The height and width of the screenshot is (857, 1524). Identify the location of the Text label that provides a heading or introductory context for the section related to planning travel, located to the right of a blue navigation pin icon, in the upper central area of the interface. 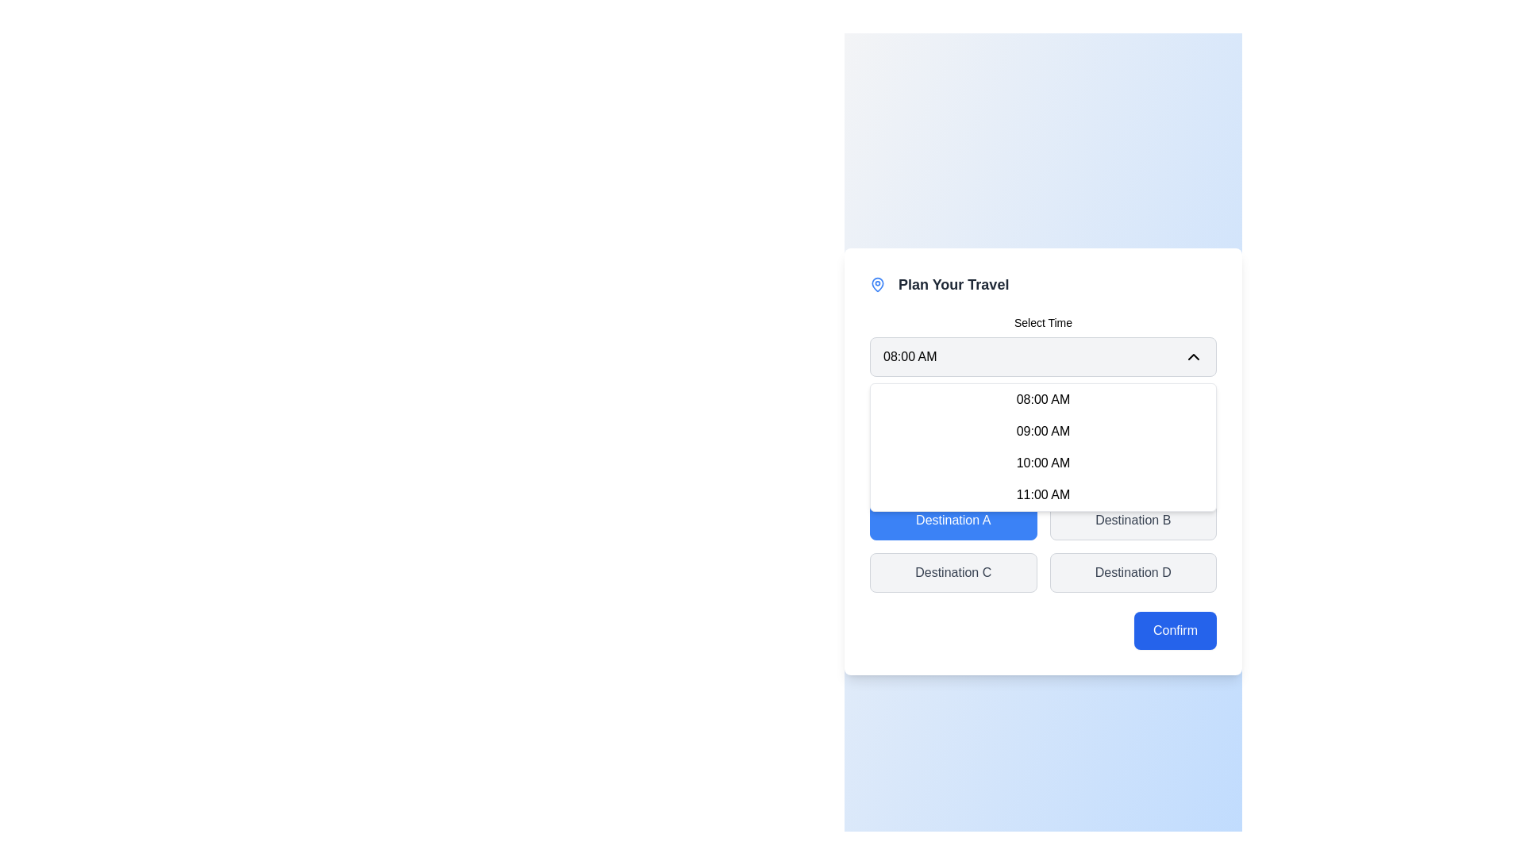
(952, 283).